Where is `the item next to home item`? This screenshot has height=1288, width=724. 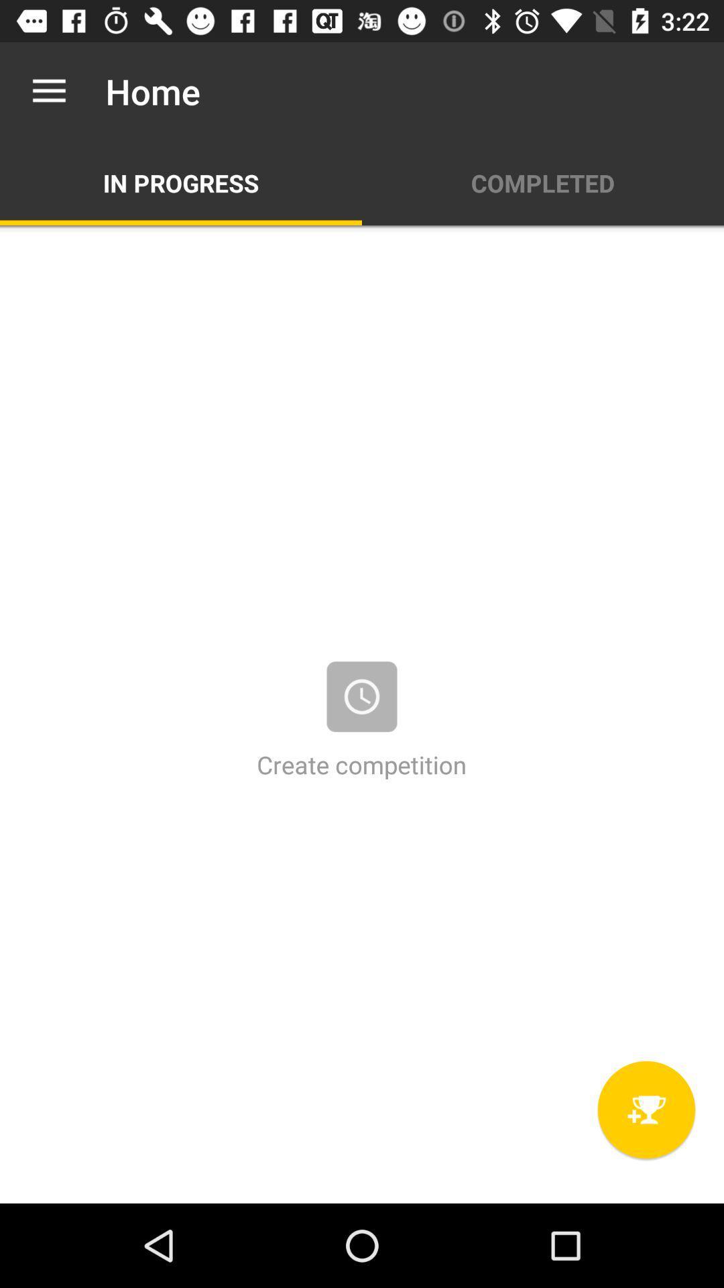 the item next to home item is located at coordinates (48, 91).